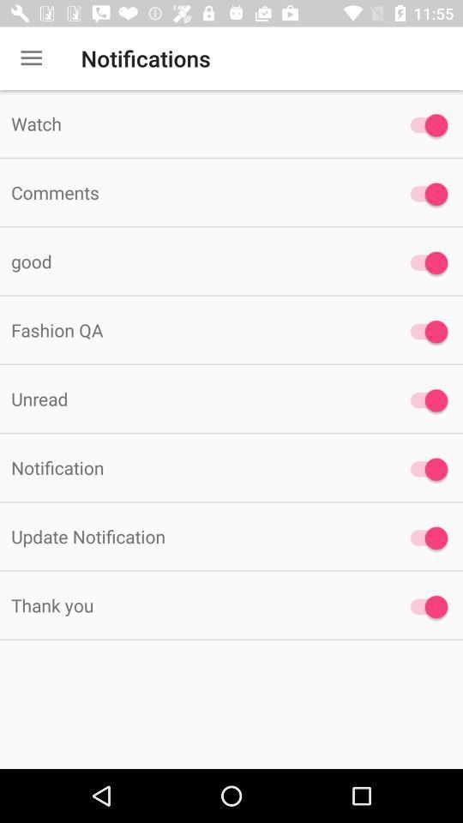 The height and width of the screenshot is (823, 463). I want to click on the item below good item, so click(192, 329).